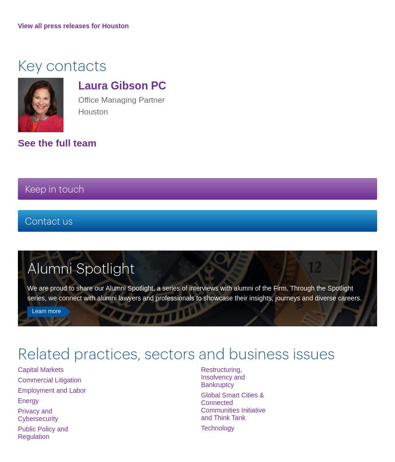  I want to click on 'Laura Gibson PC', so click(78, 85).